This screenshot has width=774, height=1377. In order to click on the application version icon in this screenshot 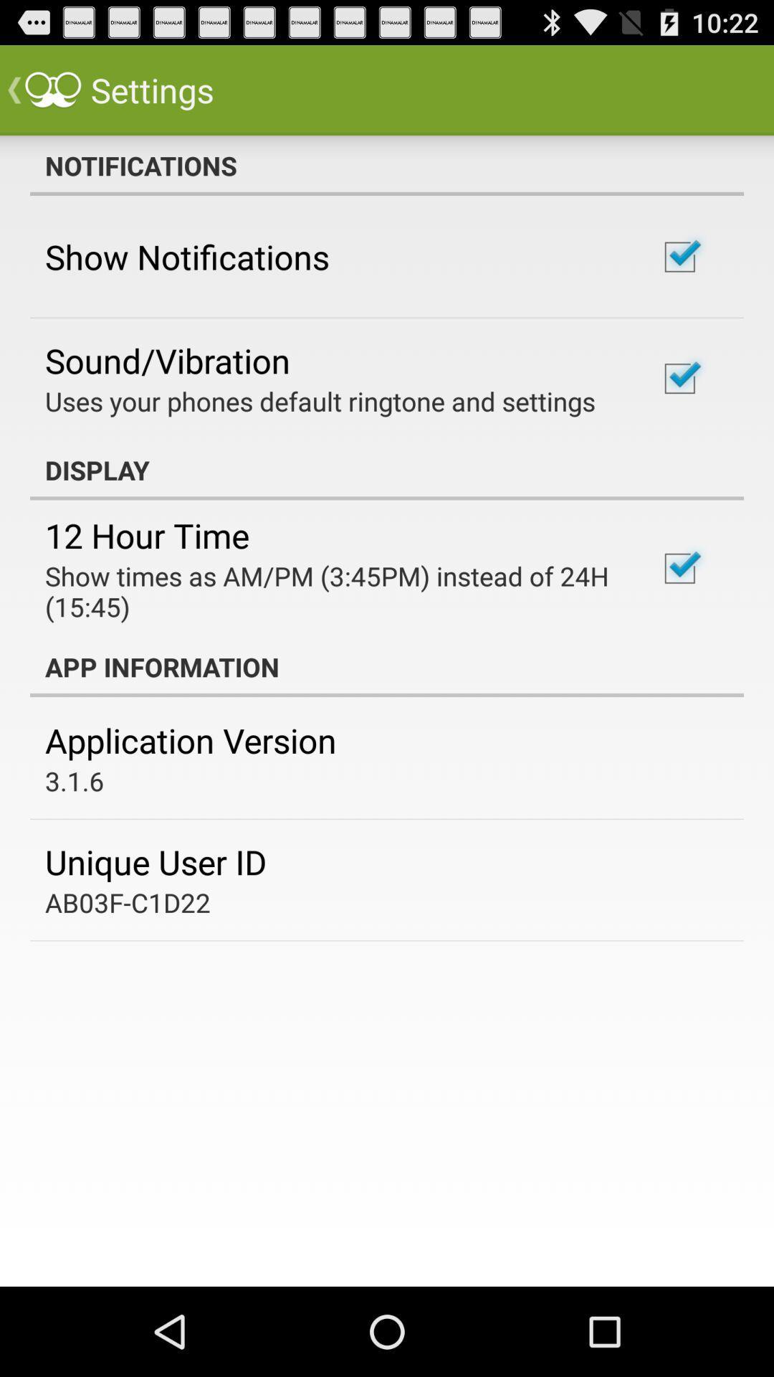, I will do `click(190, 740)`.